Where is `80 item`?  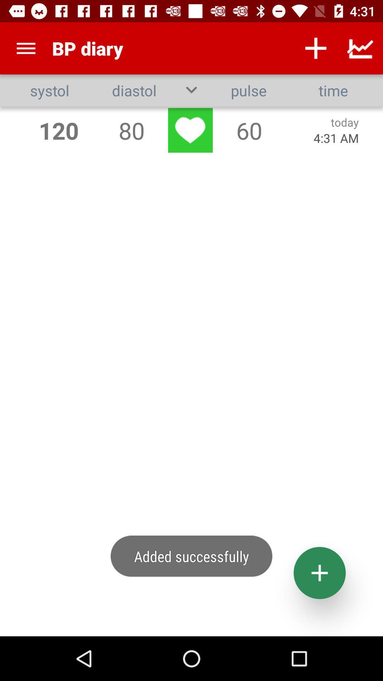 80 item is located at coordinates (132, 130).